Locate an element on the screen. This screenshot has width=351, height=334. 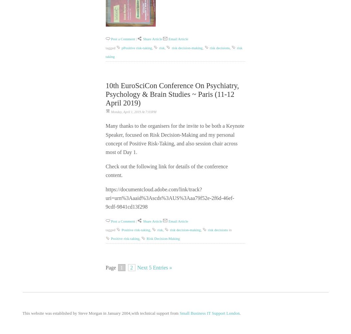
'Small Business IT Support London' is located at coordinates (209, 313).